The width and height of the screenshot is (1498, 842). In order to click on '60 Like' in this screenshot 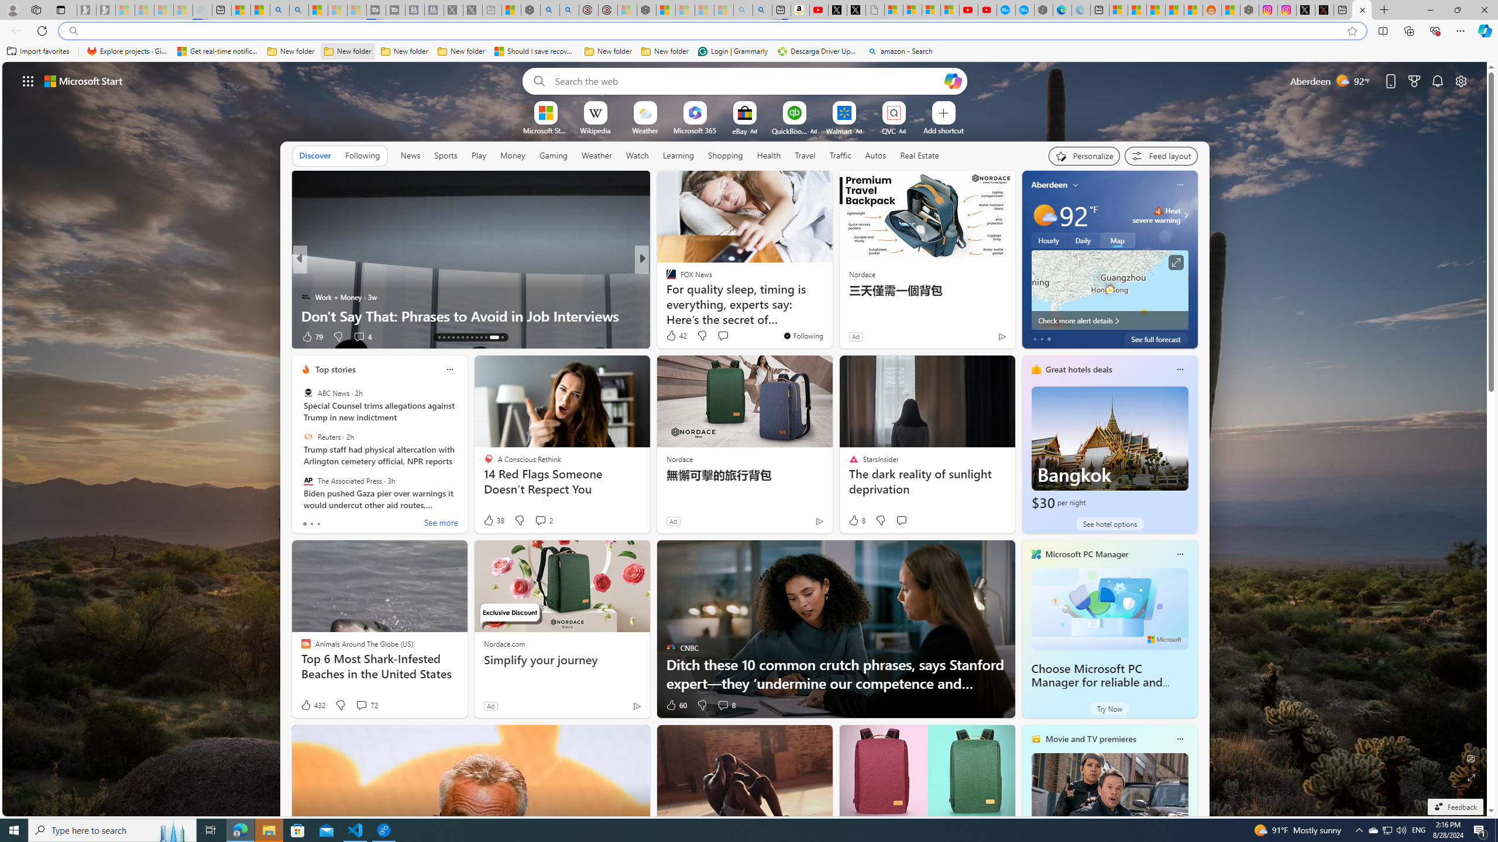, I will do `click(675, 705)`.